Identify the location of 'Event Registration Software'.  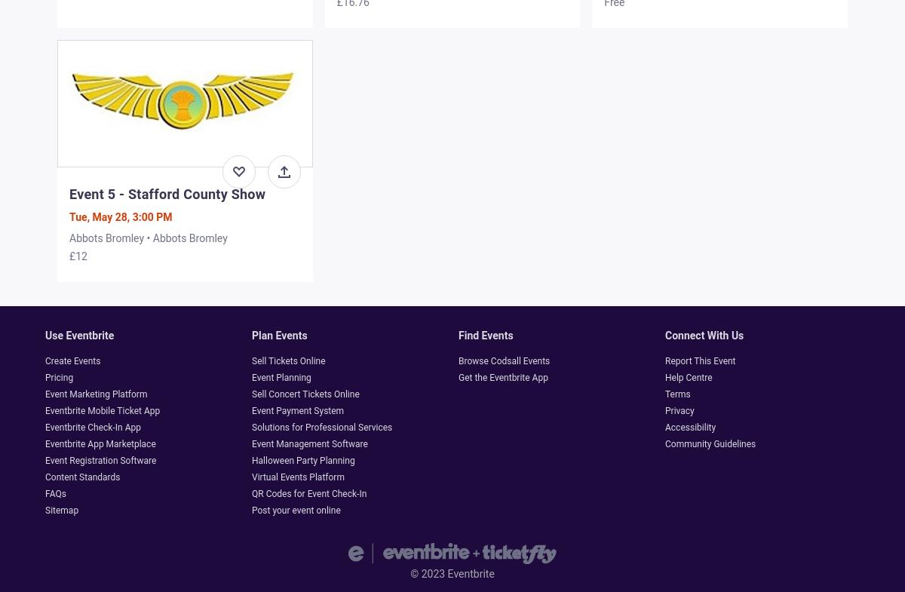
(100, 460).